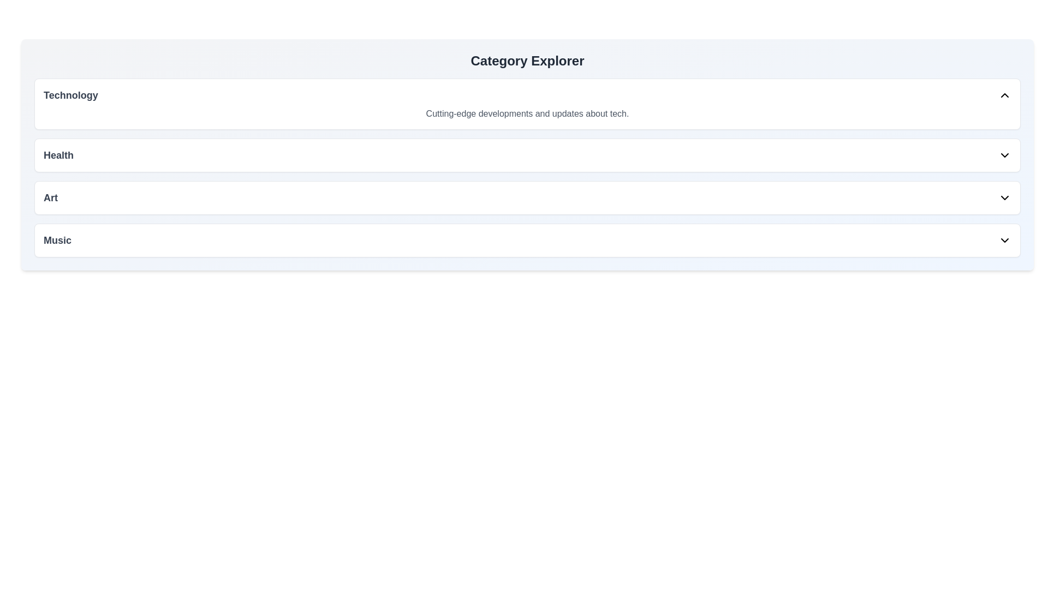 This screenshot has height=589, width=1048. What do you see at coordinates (57, 239) in the screenshot?
I see `the title of the category Music to view its details` at bounding box center [57, 239].